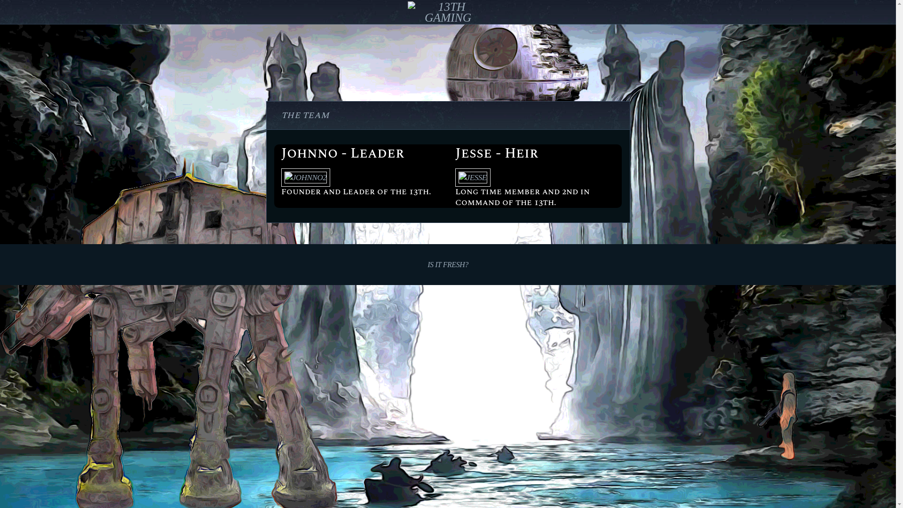 The width and height of the screenshot is (903, 508). What do you see at coordinates (472, 177) in the screenshot?
I see `'Jesse'` at bounding box center [472, 177].